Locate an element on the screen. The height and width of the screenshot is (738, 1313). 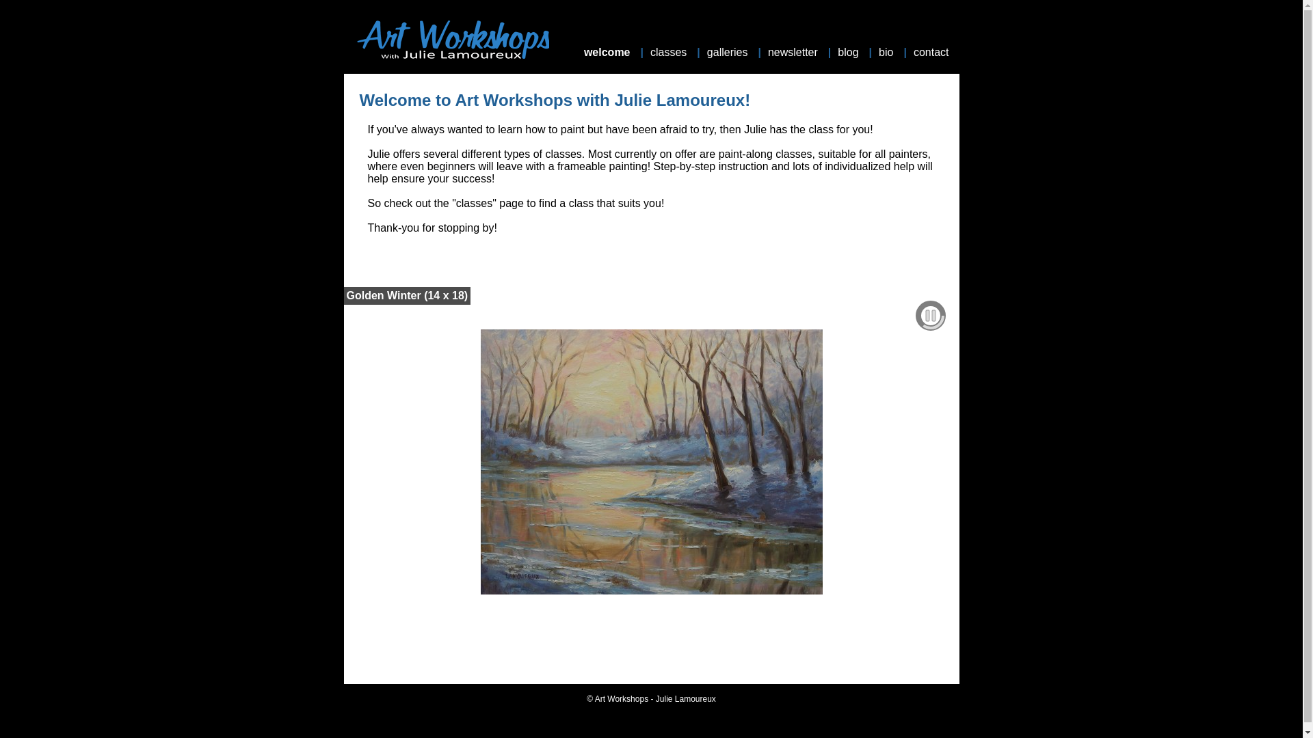
'classes' is located at coordinates (649, 52).